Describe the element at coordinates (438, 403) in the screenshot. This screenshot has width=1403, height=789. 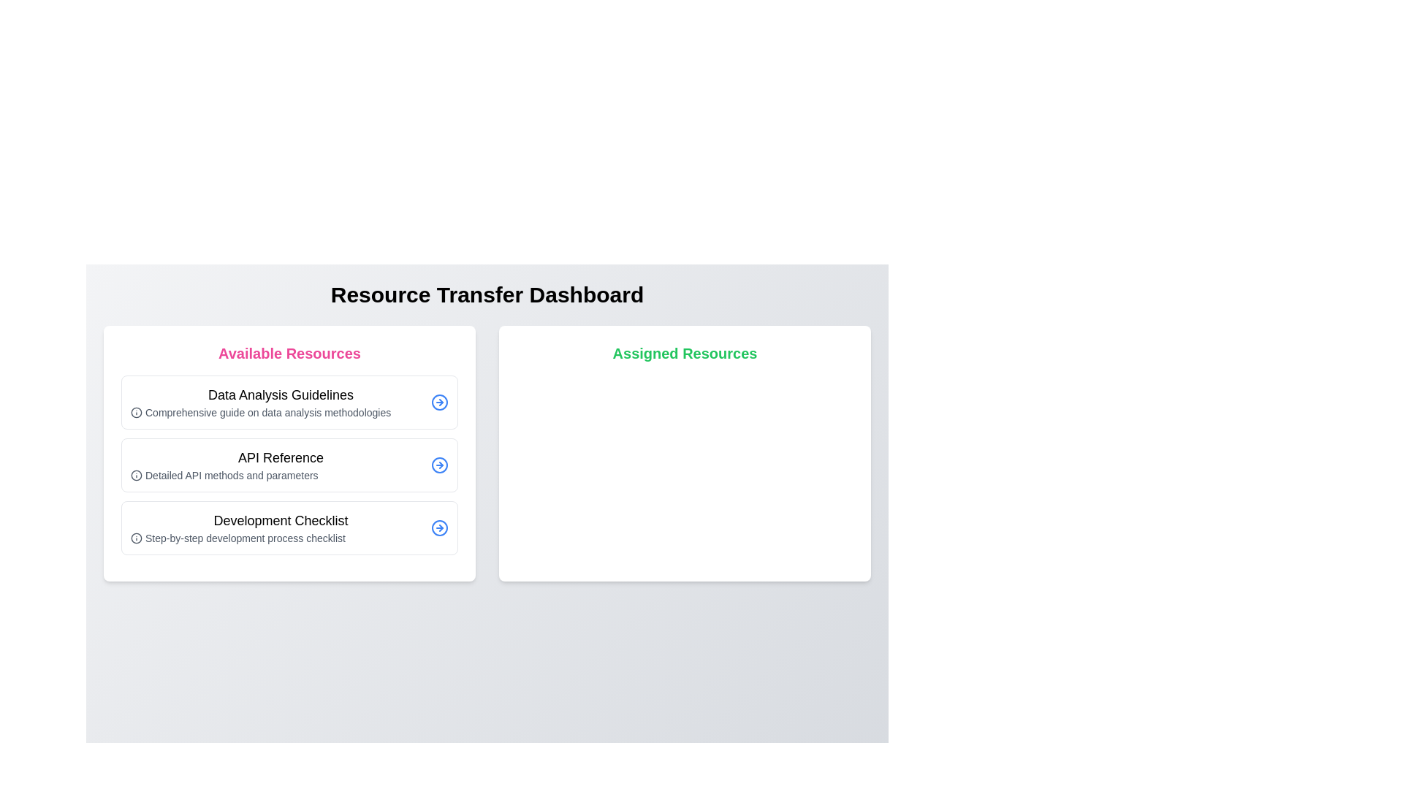
I see `the circle component of the arrow icon located to the right of the 'Data Analysis Guidelines' resource entry in the 'Available Resources' column` at that location.